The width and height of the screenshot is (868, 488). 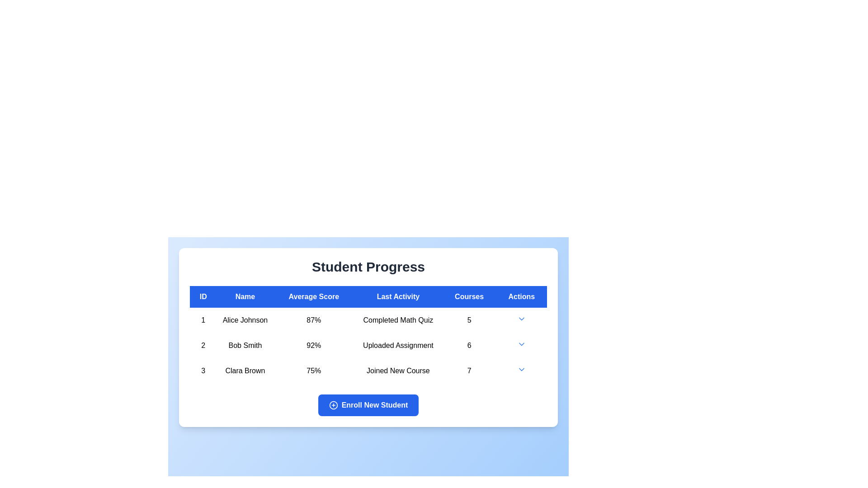 I want to click on the circular blue icon with a white plus symbol, which is located to the left of the 'Enroll New Student' button, so click(x=333, y=405).